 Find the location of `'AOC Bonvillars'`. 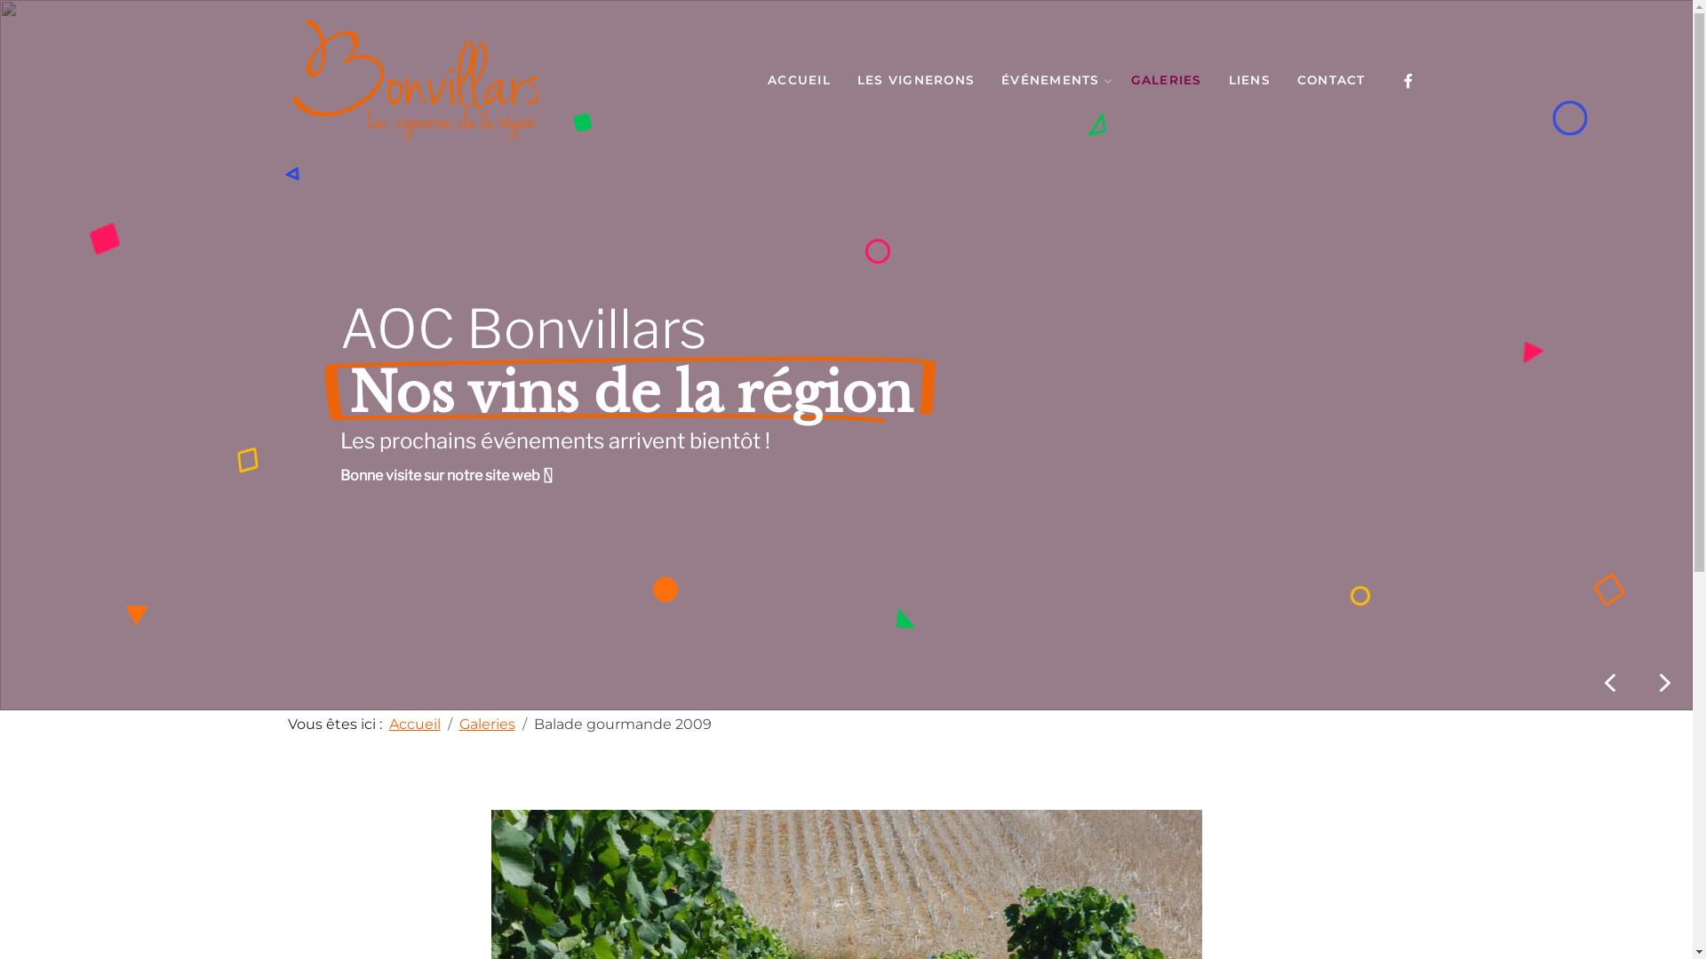

'AOC Bonvillars' is located at coordinates (291, 78).